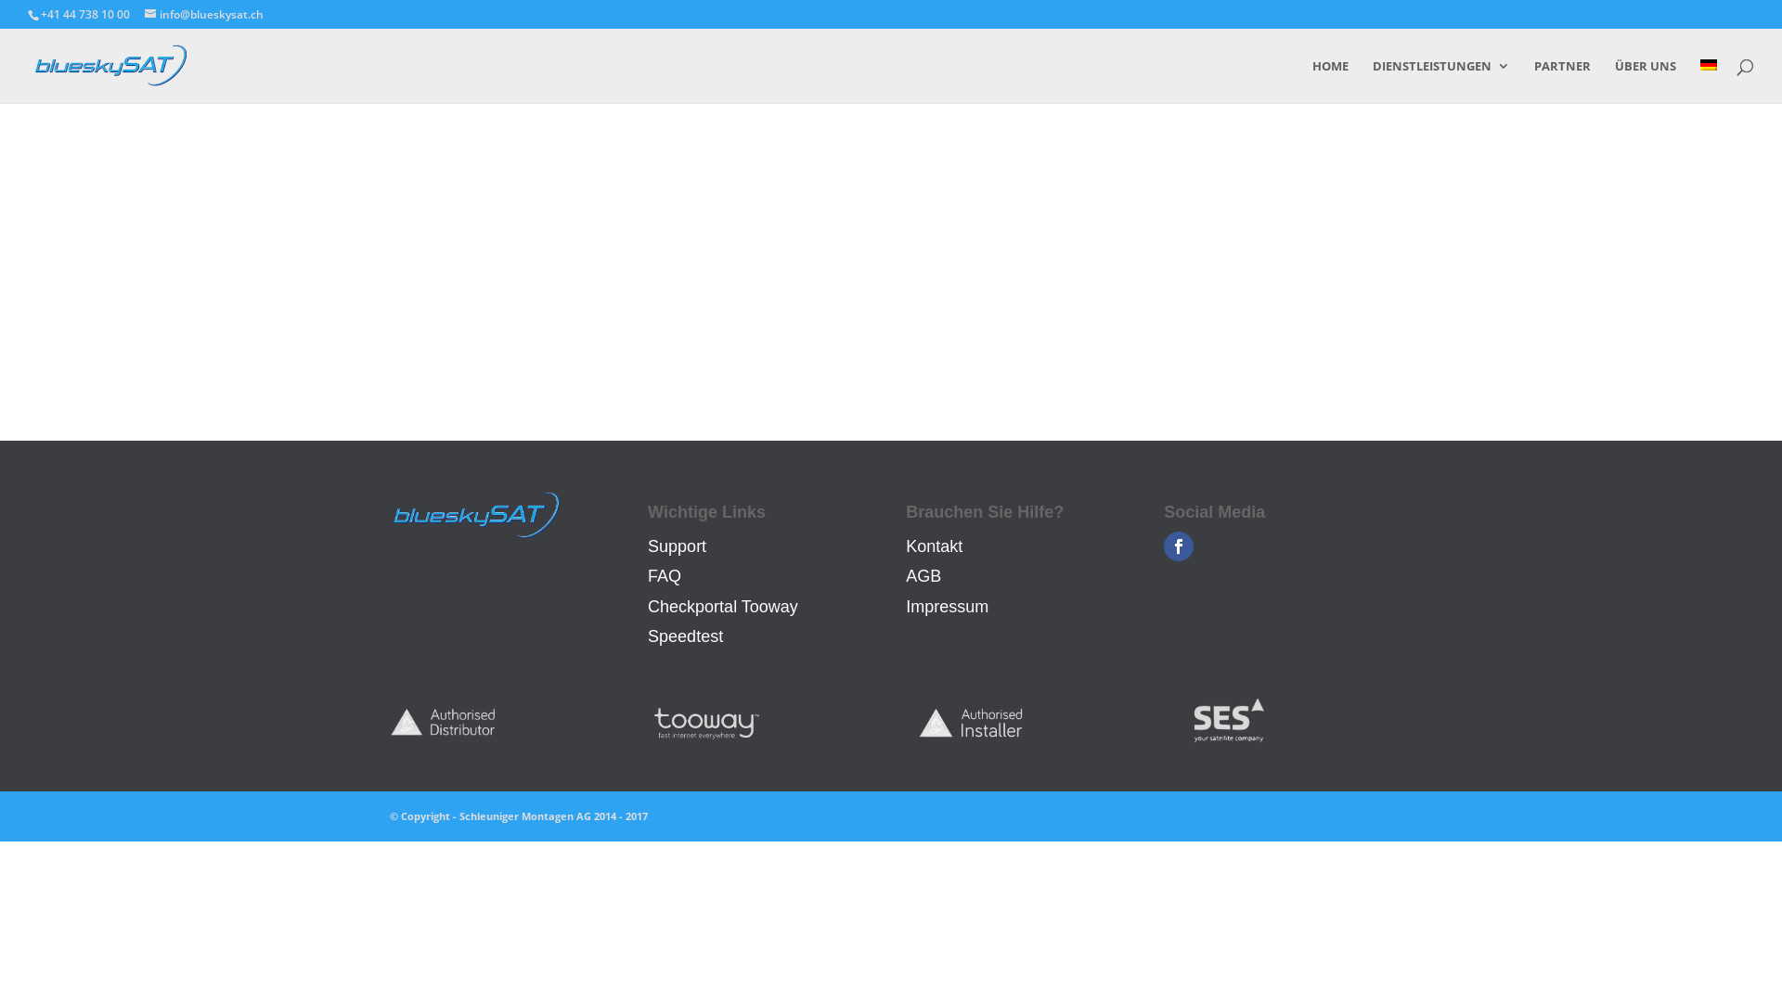 Image resolution: width=1782 pixels, height=1002 pixels. Describe the element at coordinates (676, 546) in the screenshot. I see `'Support'` at that location.